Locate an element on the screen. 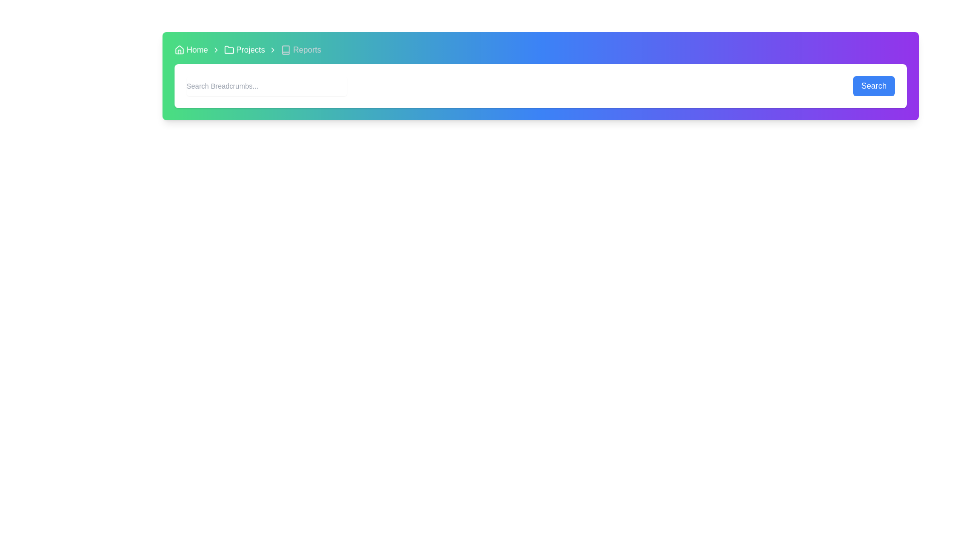 This screenshot has width=963, height=541. the 'Home' icon in the breadcrumb navigation section, which is located at the far-left of the top bar, preceding the 'Home' text and other breadcrumb items is located at coordinates (180, 50).